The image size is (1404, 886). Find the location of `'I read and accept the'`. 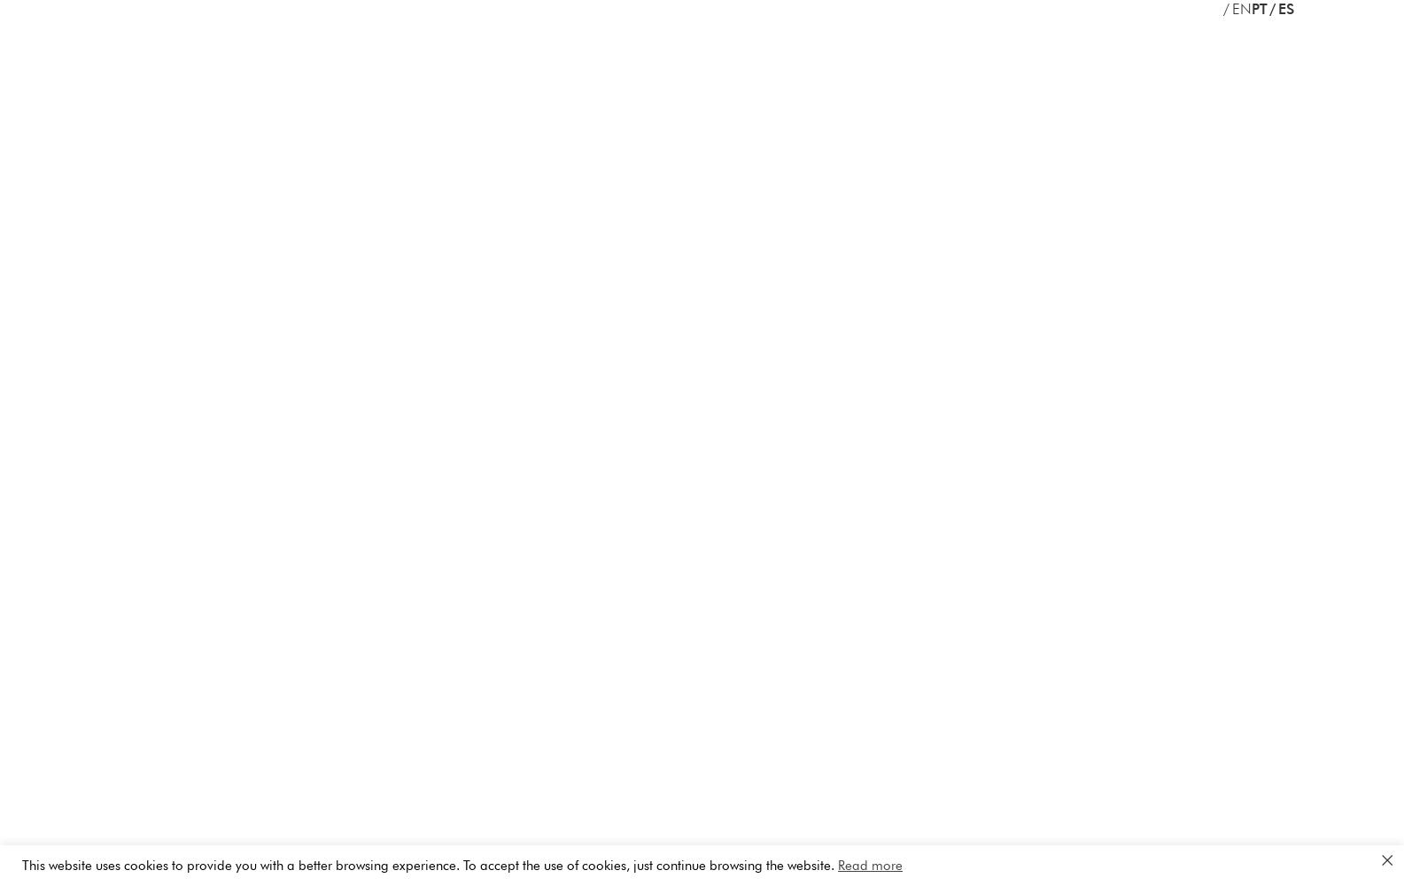

'I read and accept the' is located at coordinates (741, 166).